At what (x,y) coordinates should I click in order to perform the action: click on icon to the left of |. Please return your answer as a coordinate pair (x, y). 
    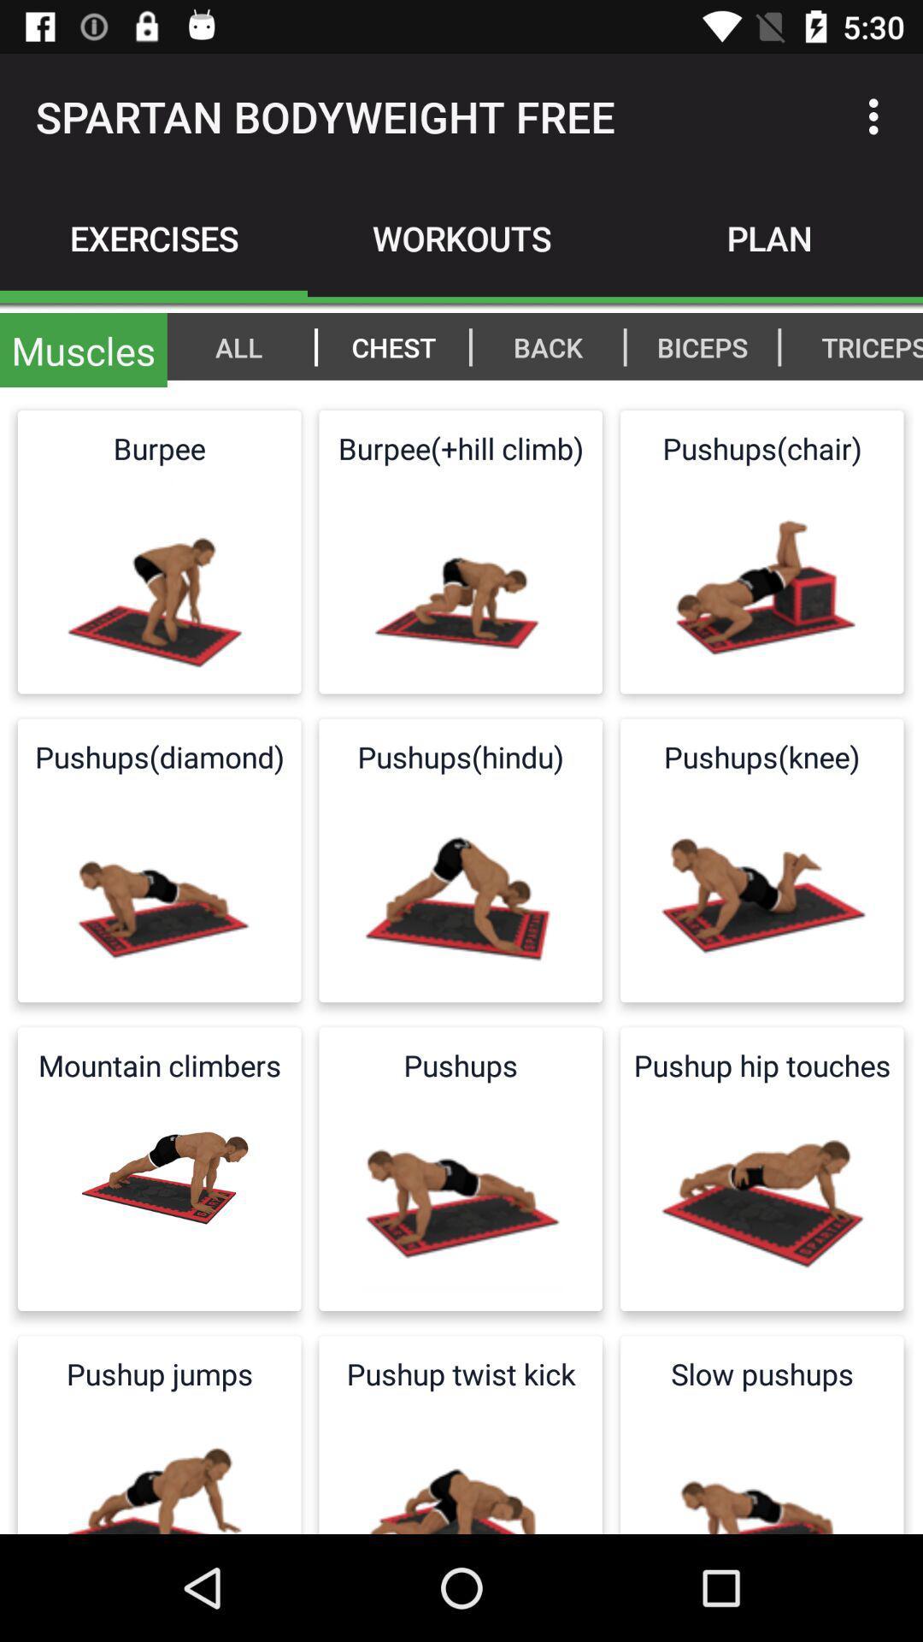
    Looking at the image, I should click on (702, 346).